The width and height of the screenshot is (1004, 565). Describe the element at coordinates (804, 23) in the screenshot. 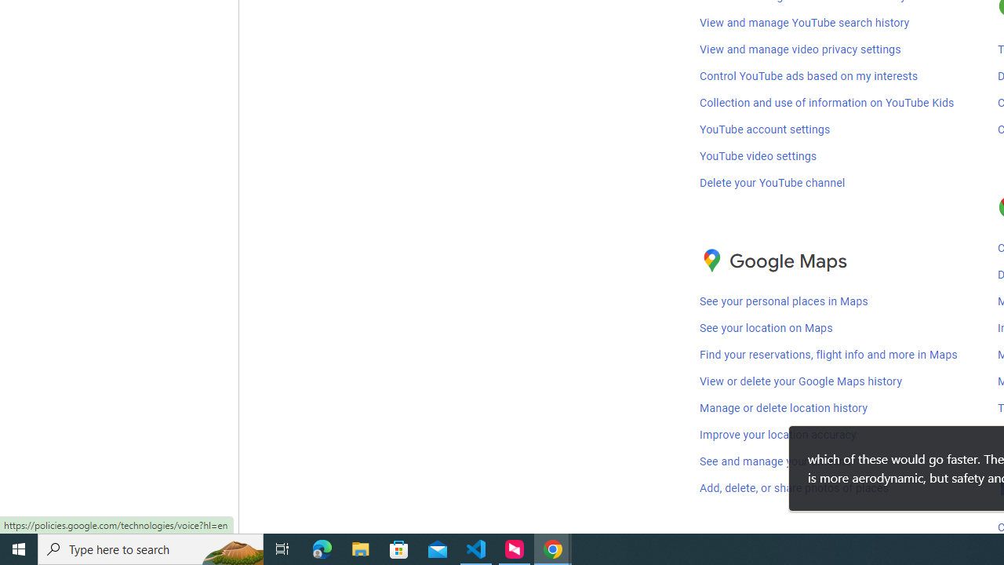

I see `'View and manage YouTube search history'` at that location.